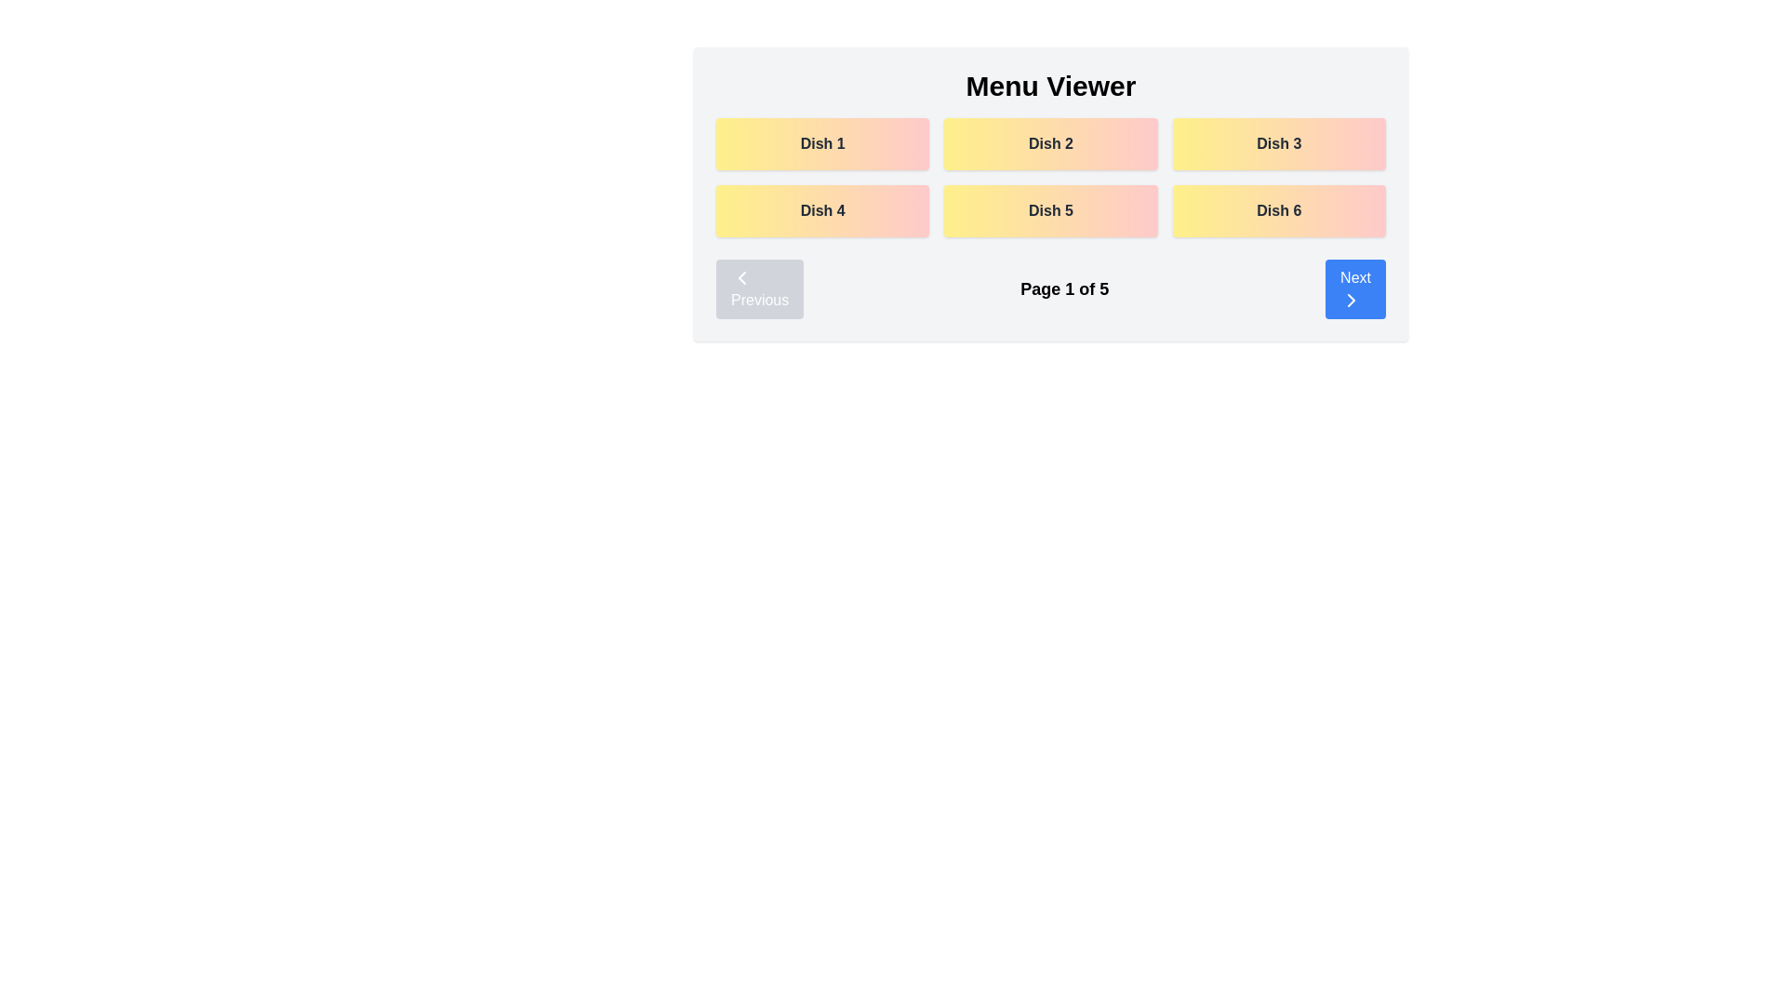 Image resolution: width=1786 pixels, height=1005 pixels. I want to click on the first dish option button in the menu selection interface, which is a static display element located in the top-left corner of the grid layout, so click(821, 142).